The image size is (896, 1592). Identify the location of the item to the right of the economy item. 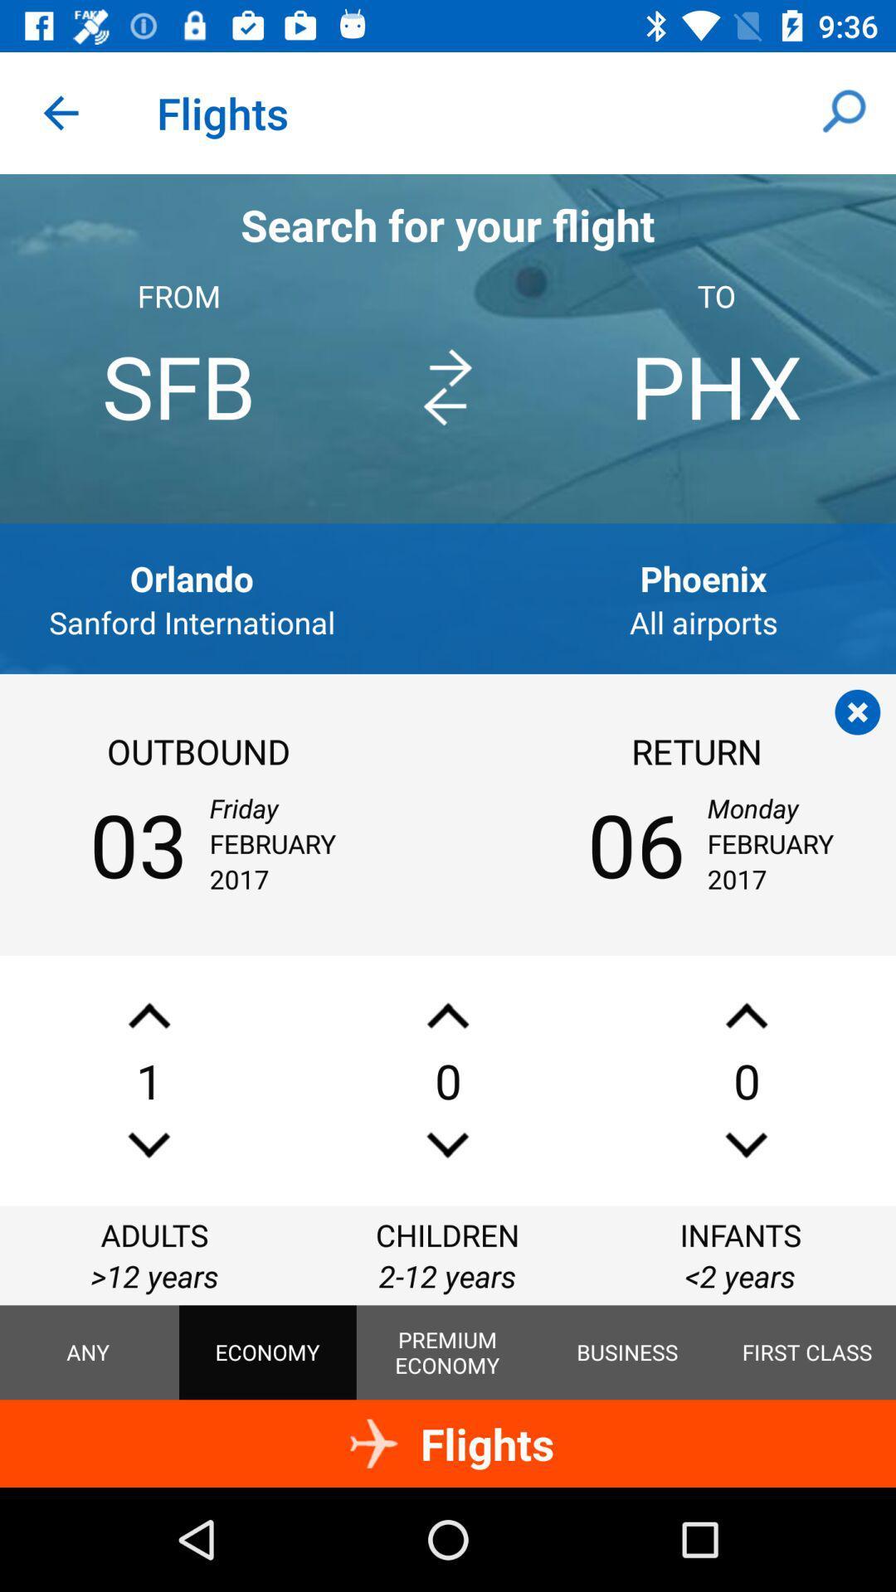
(446, 1352).